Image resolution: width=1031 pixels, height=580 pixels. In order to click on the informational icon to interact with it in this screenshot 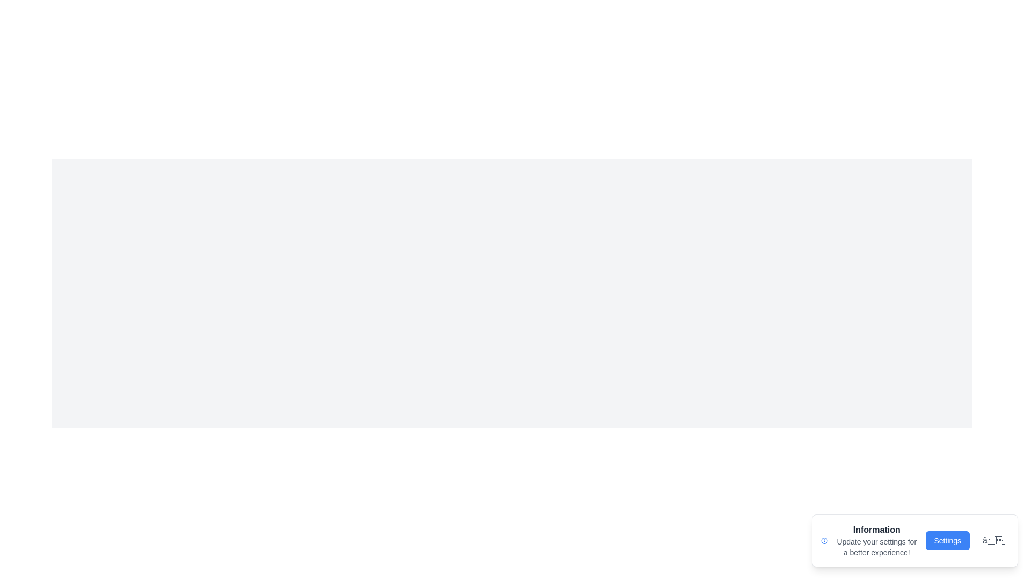, I will do `click(824, 540)`.